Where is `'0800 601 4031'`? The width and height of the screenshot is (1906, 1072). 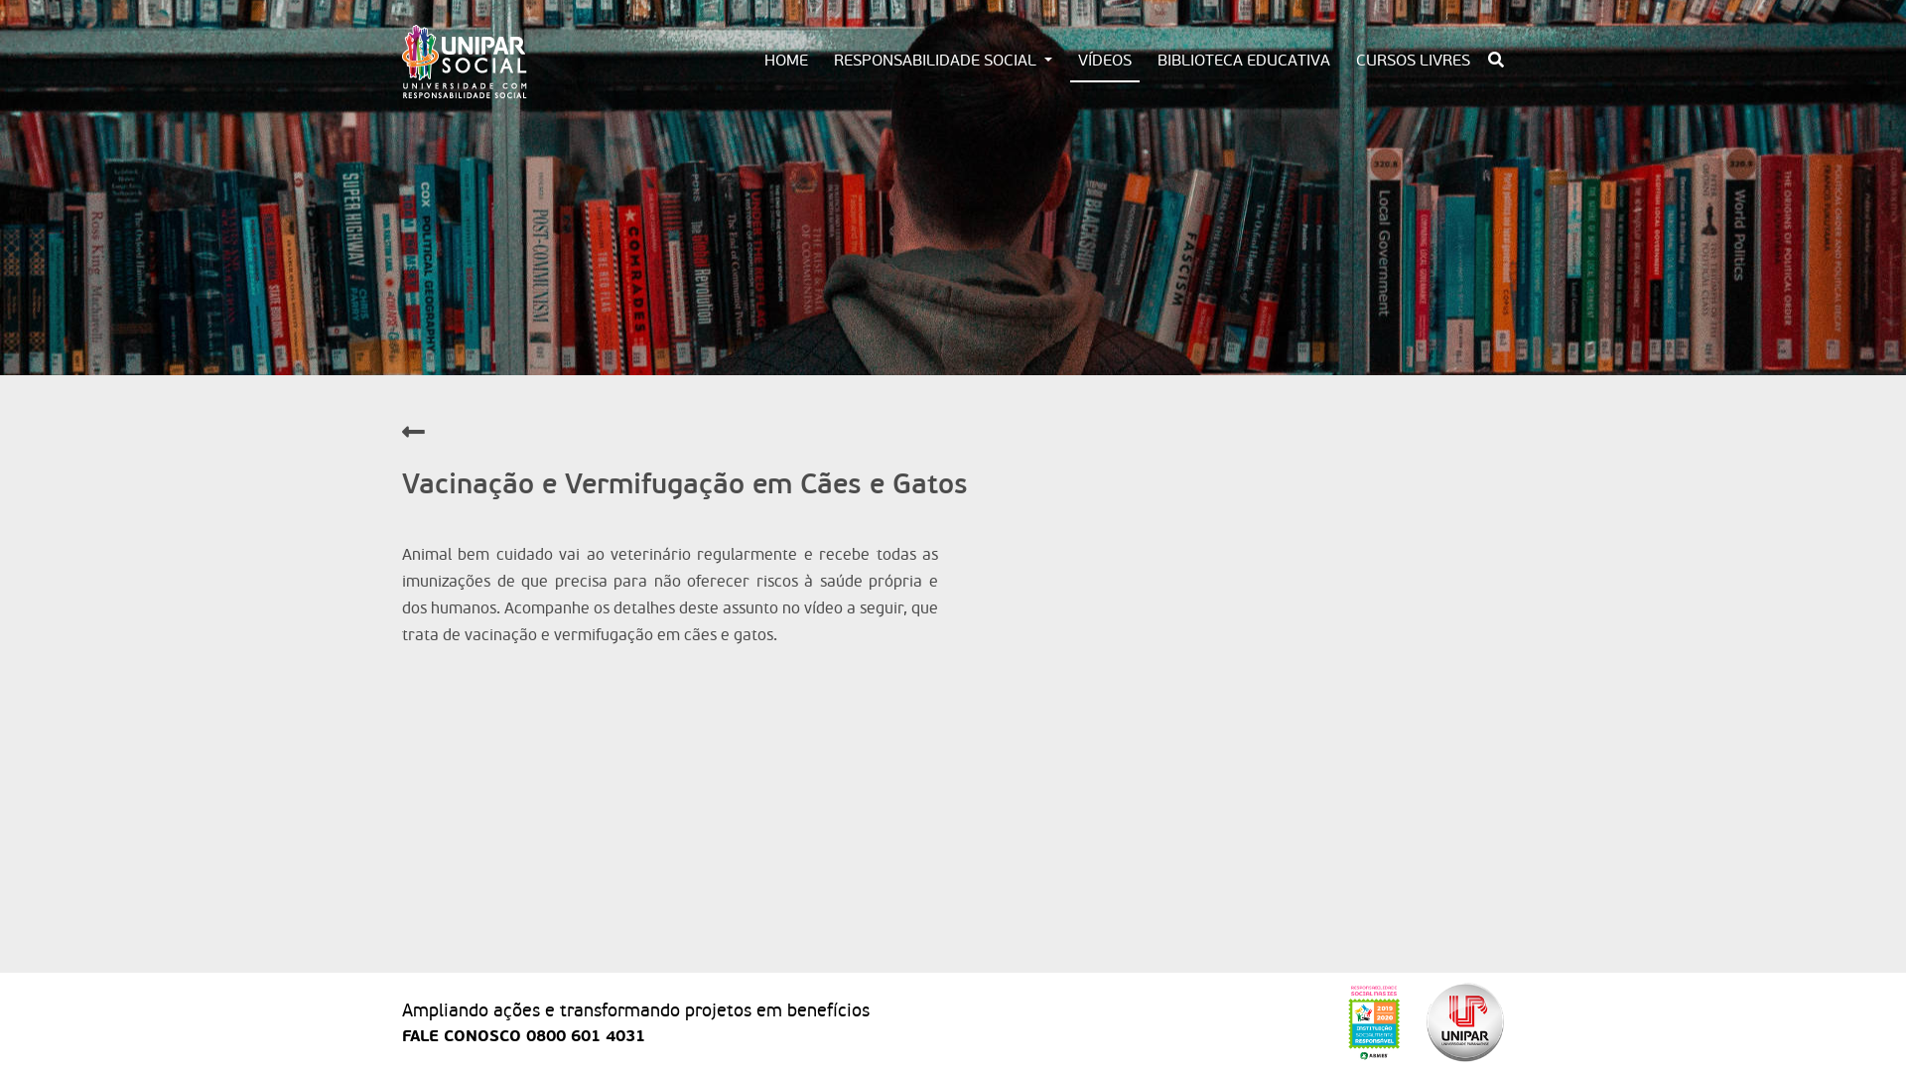 '0800 601 4031' is located at coordinates (585, 1035).